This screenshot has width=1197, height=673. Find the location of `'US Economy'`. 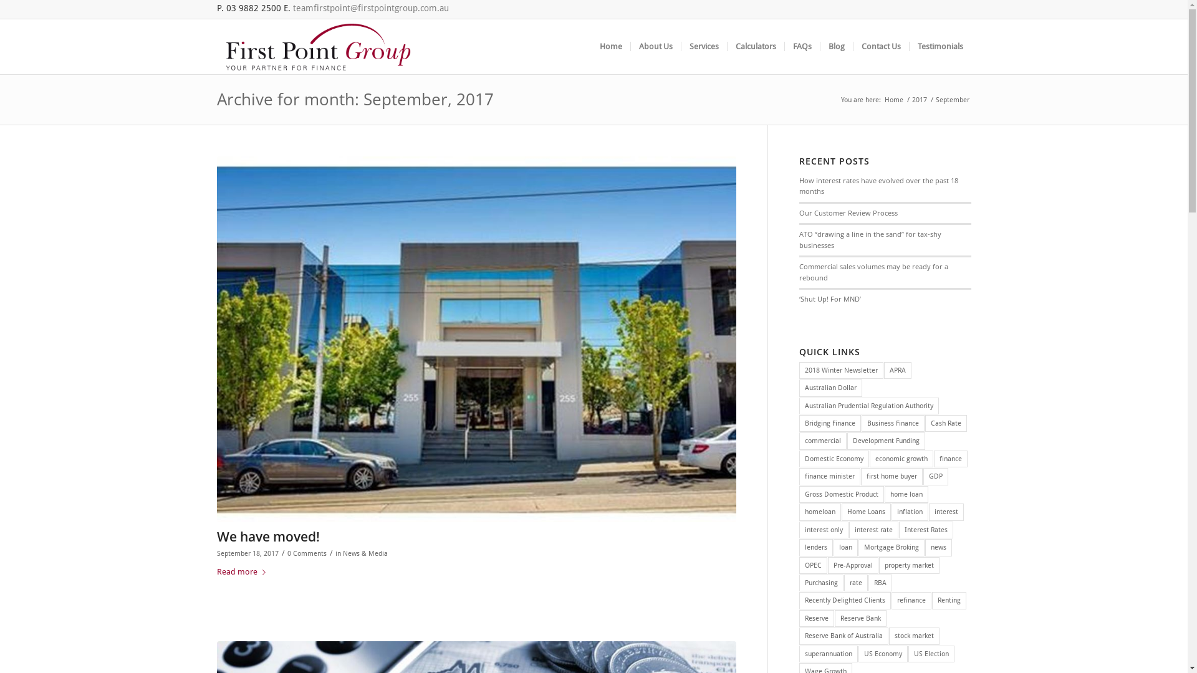

'US Economy' is located at coordinates (882, 653).